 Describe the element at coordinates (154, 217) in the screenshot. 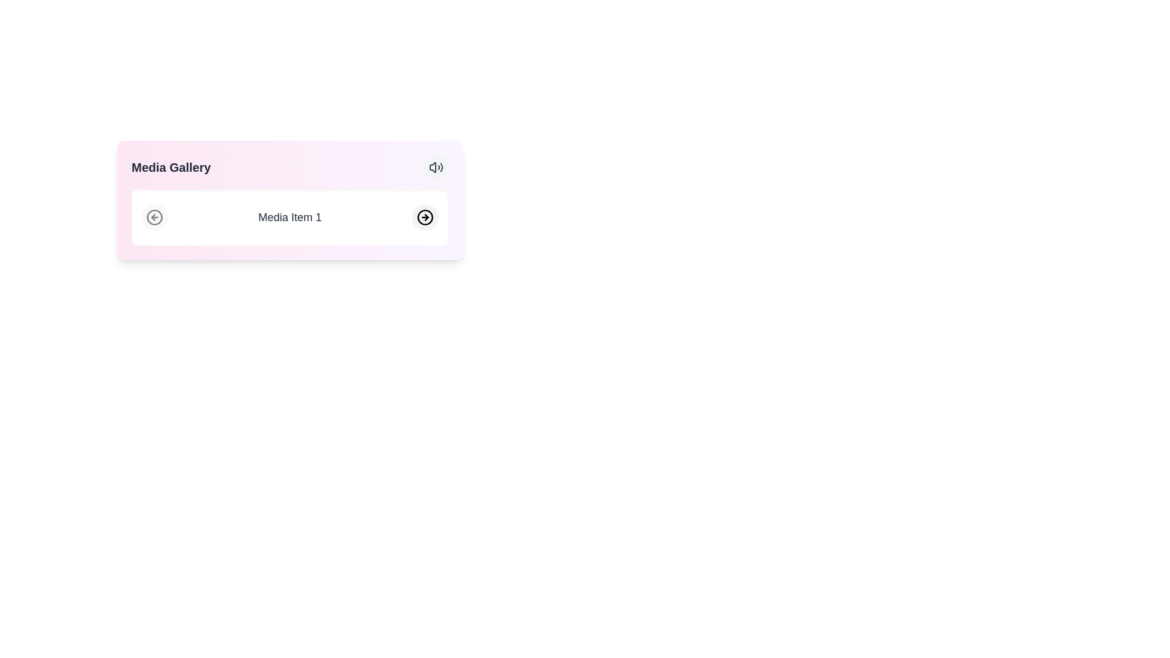

I see `the left navigation button in the 'Media Item 1' section` at that location.